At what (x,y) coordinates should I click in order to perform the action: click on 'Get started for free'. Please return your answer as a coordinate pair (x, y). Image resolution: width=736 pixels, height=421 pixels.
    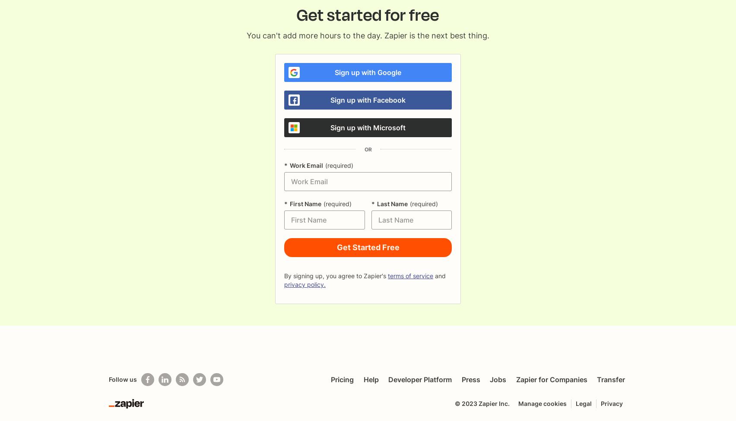
    Looking at the image, I should click on (368, 15).